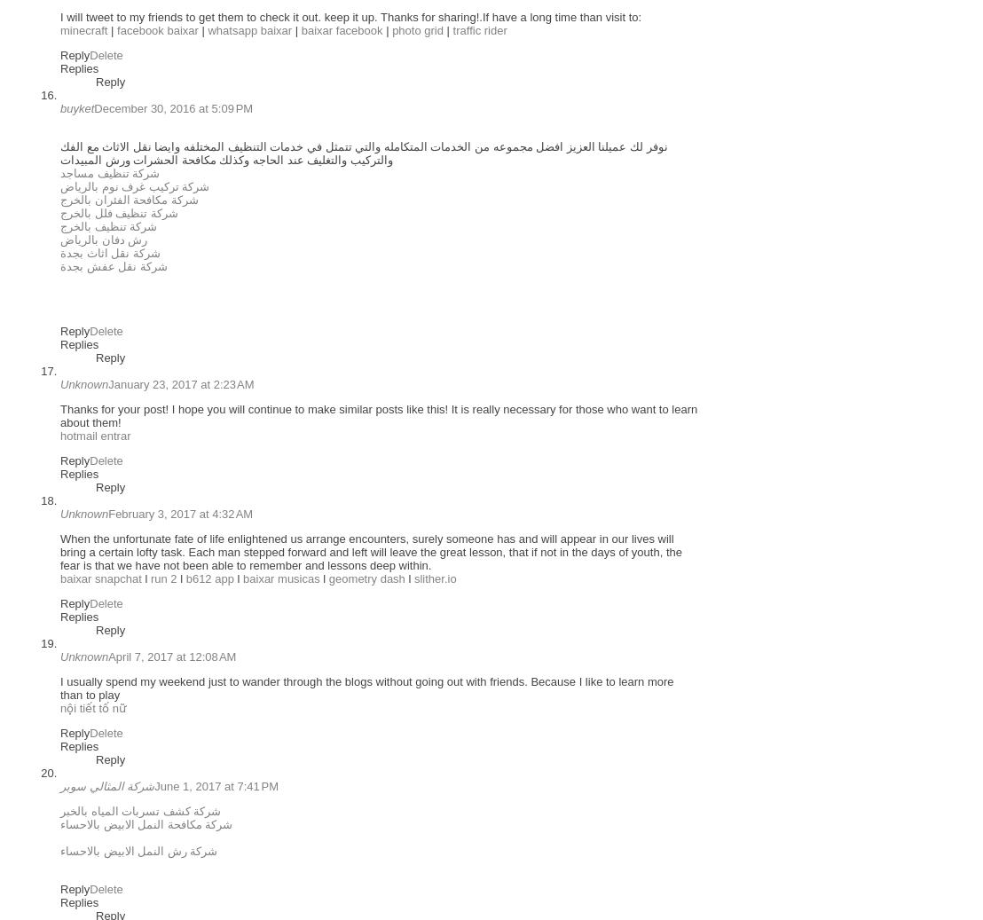  Describe the element at coordinates (417, 29) in the screenshot. I see `'photo grid'` at that location.